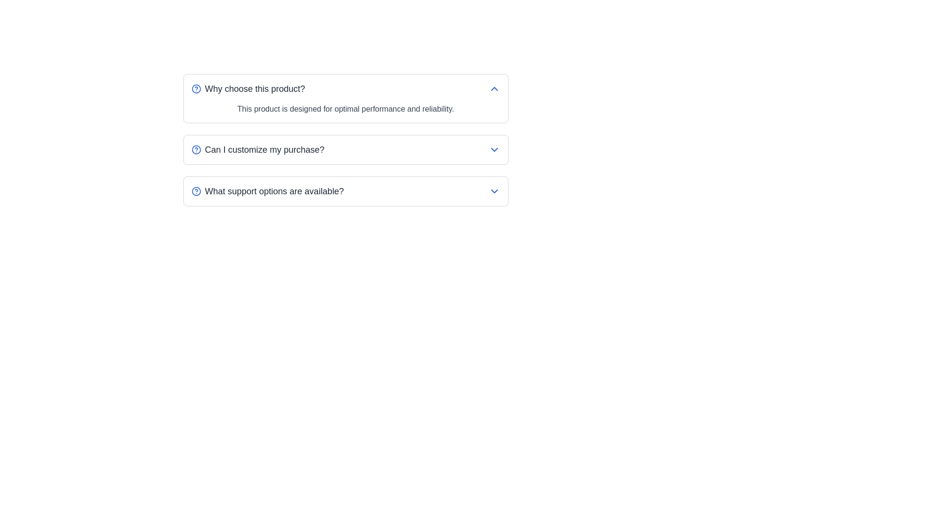 The height and width of the screenshot is (522, 929). What do you see at coordinates (345, 105) in the screenshot?
I see `the text label displaying 'This product is designed for optimal performance and reliability.' located in the expanded section of the 'Why choose this product?' dropdown` at bounding box center [345, 105].